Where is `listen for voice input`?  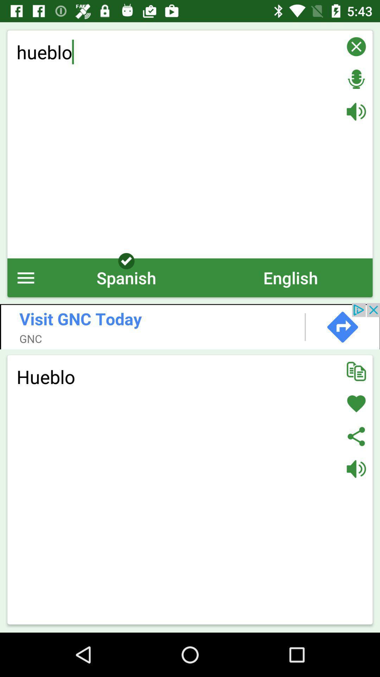 listen for voice input is located at coordinates (356, 79).